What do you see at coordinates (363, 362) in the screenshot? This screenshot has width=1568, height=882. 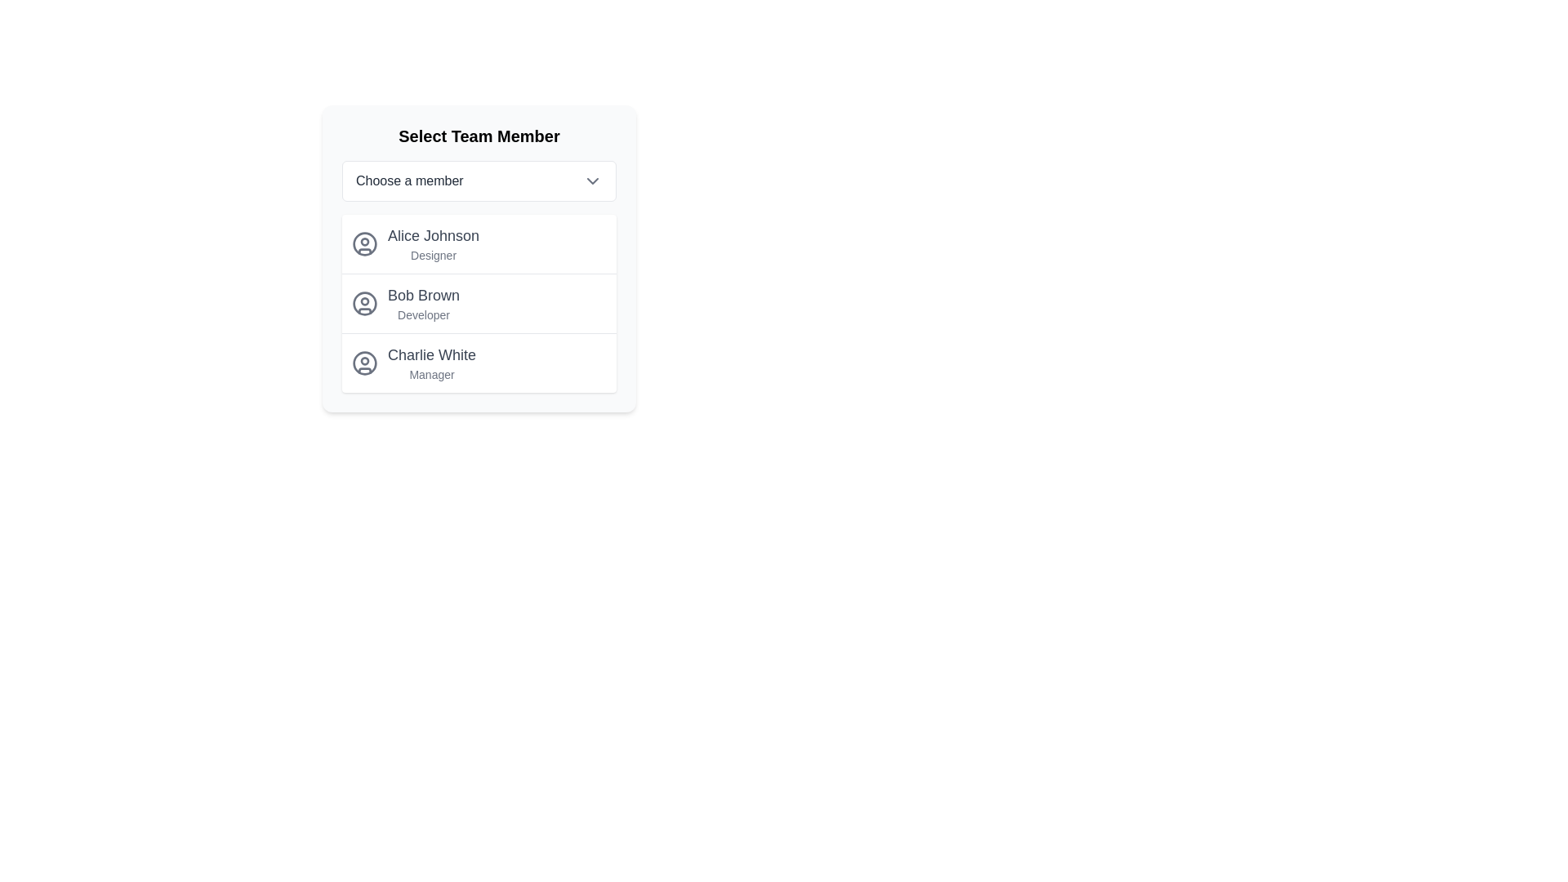 I see `the outermost circle that serves as a graphical border for the avatar icon located to the left of the text 'Charlie White'` at bounding box center [363, 362].